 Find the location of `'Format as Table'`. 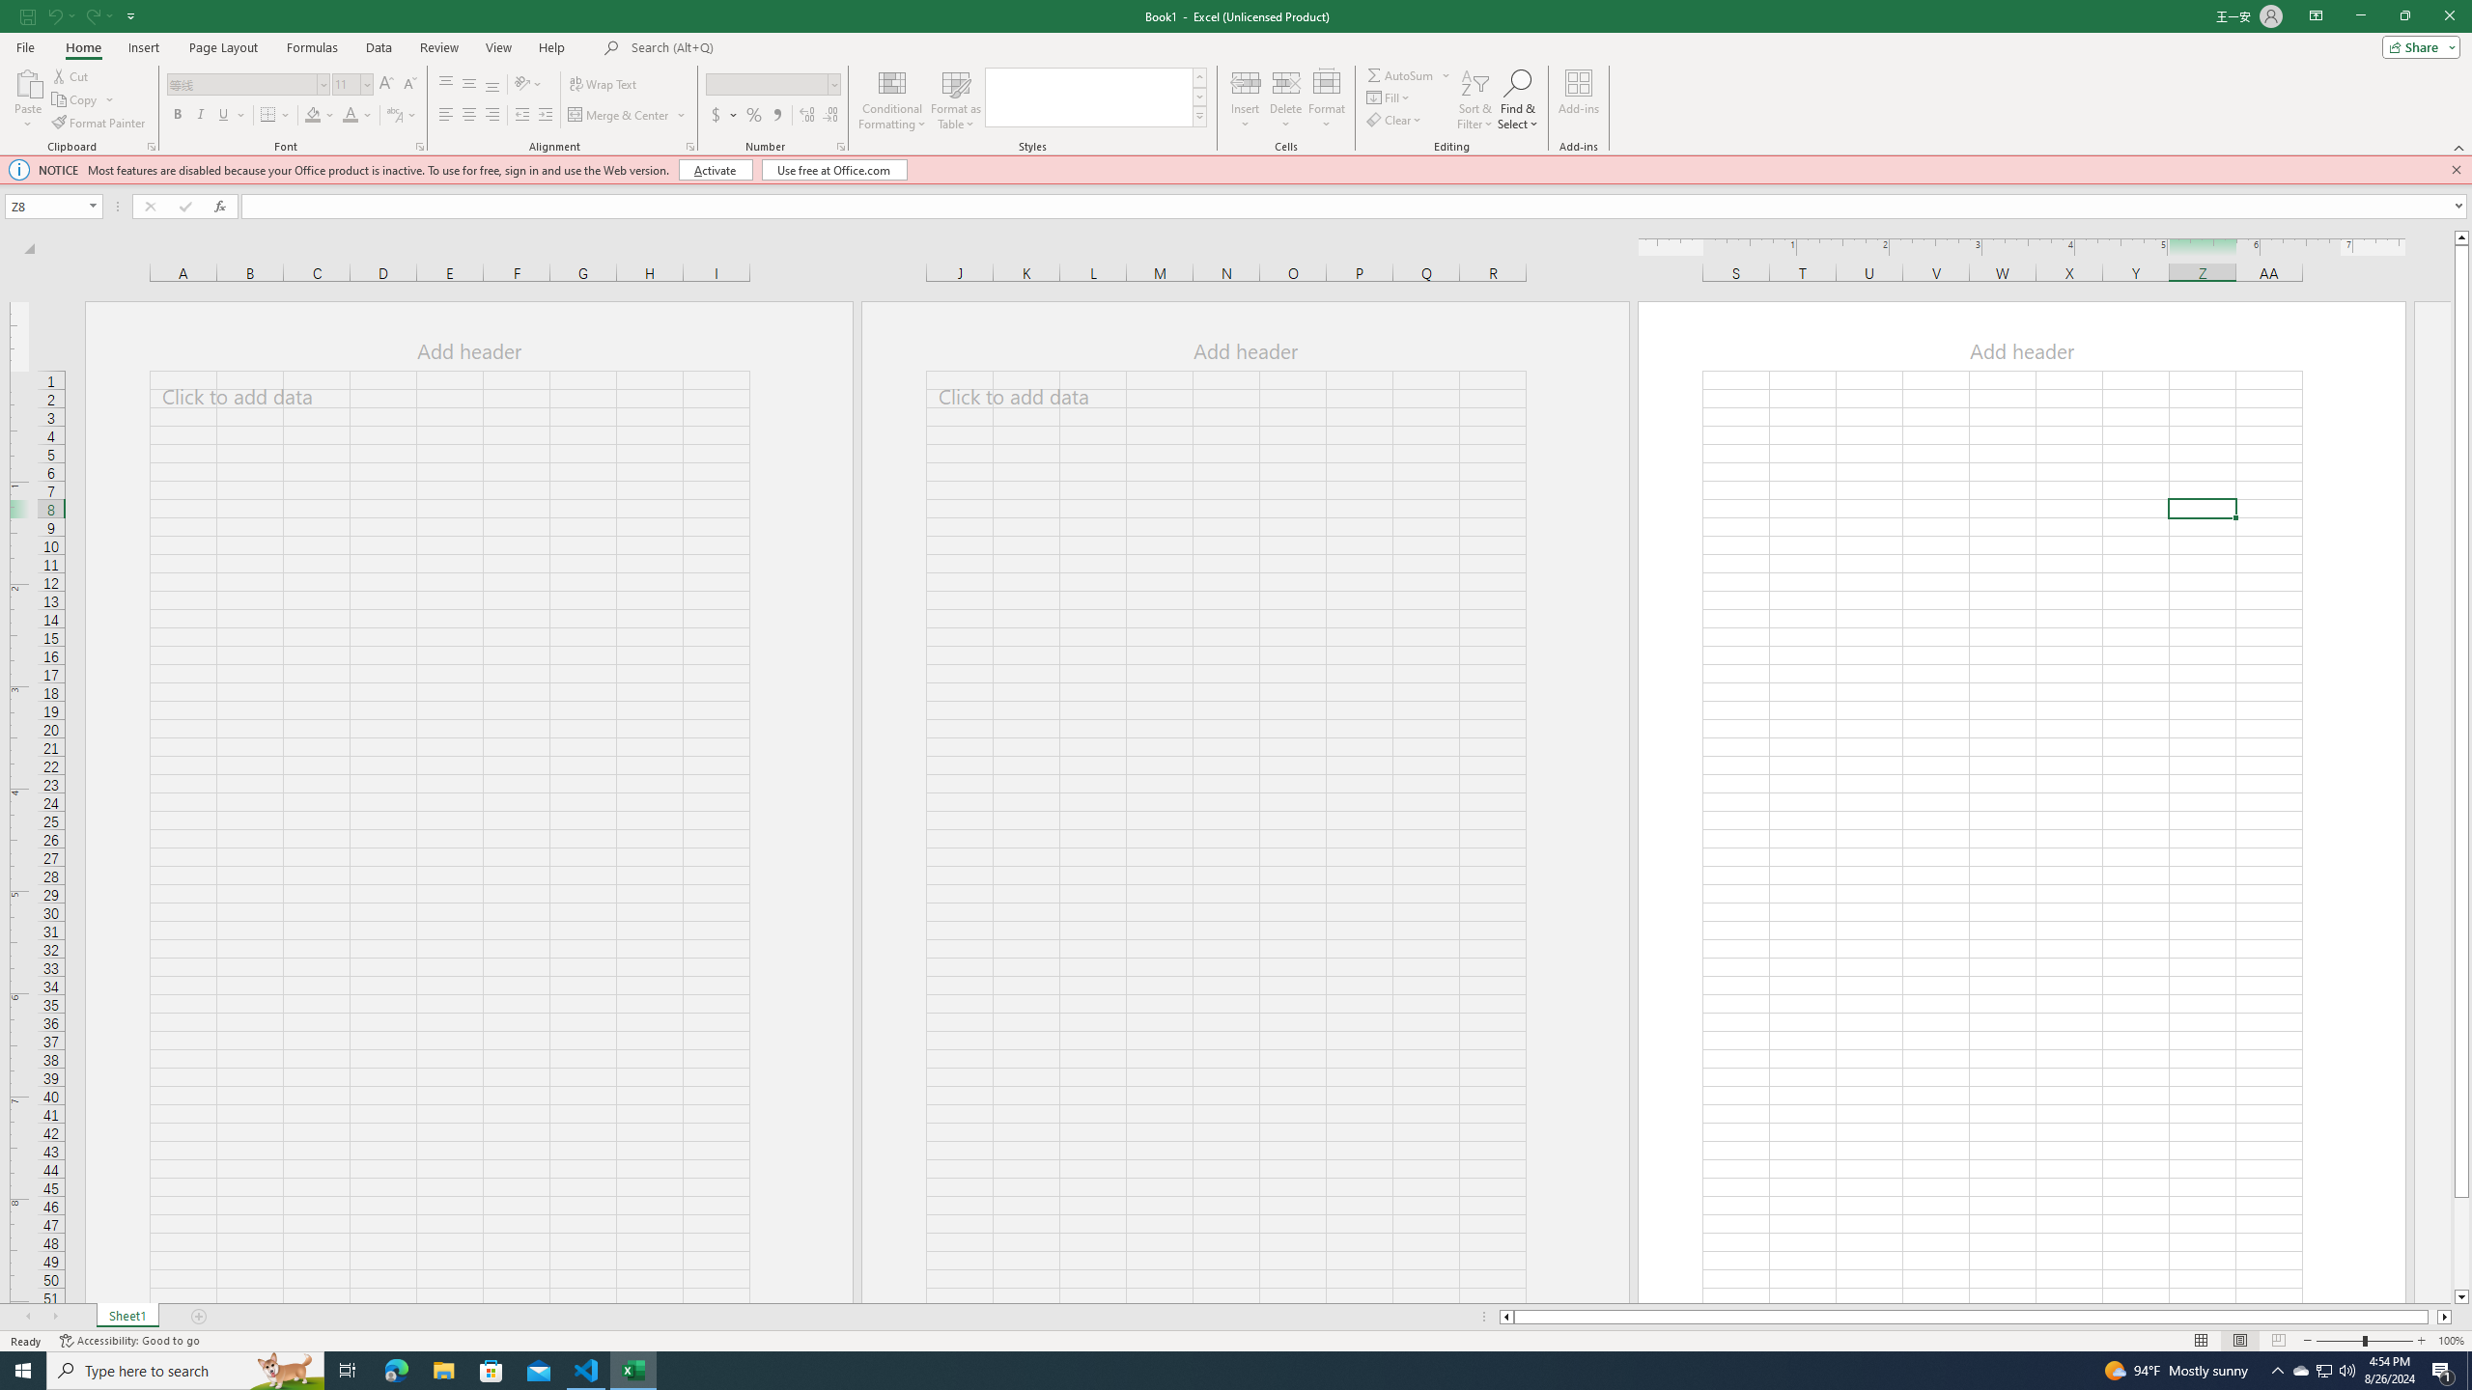

'Format as Table' is located at coordinates (956, 99).